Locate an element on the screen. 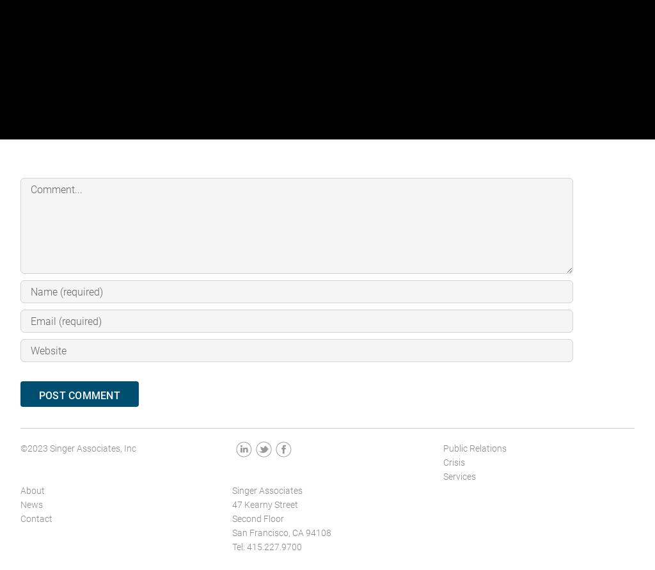 This screenshot has height=570, width=655. 'News' is located at coordinates (31, 504).